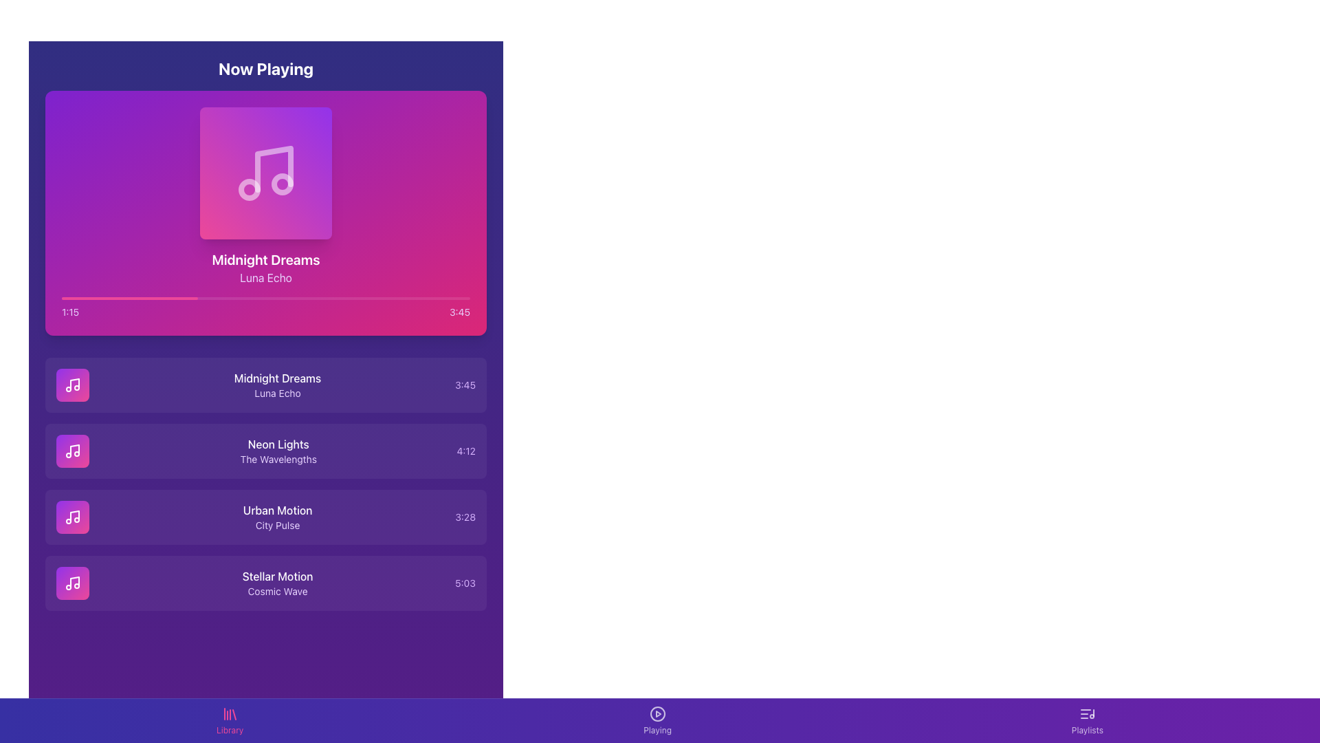  What do you see at coordinates (657, 713) in the screenshot?
I see `the circular SVG element that is part of the play button symbol in the bottom navigation bar, which indicates the 'Playing' section` at bounding box center [657, 713].